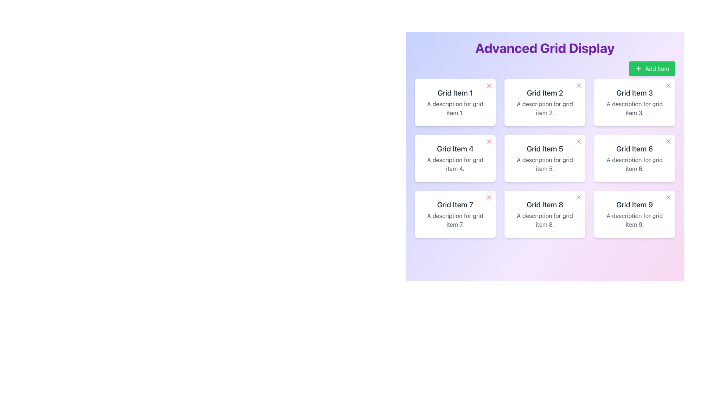 The height and width of the screenshot is (397, 706). Describe the element at coordinates (489, 85) in the screenshot. I see `the close/delete icon located at the top-right corner of 'Grid Item 1'` at that location.